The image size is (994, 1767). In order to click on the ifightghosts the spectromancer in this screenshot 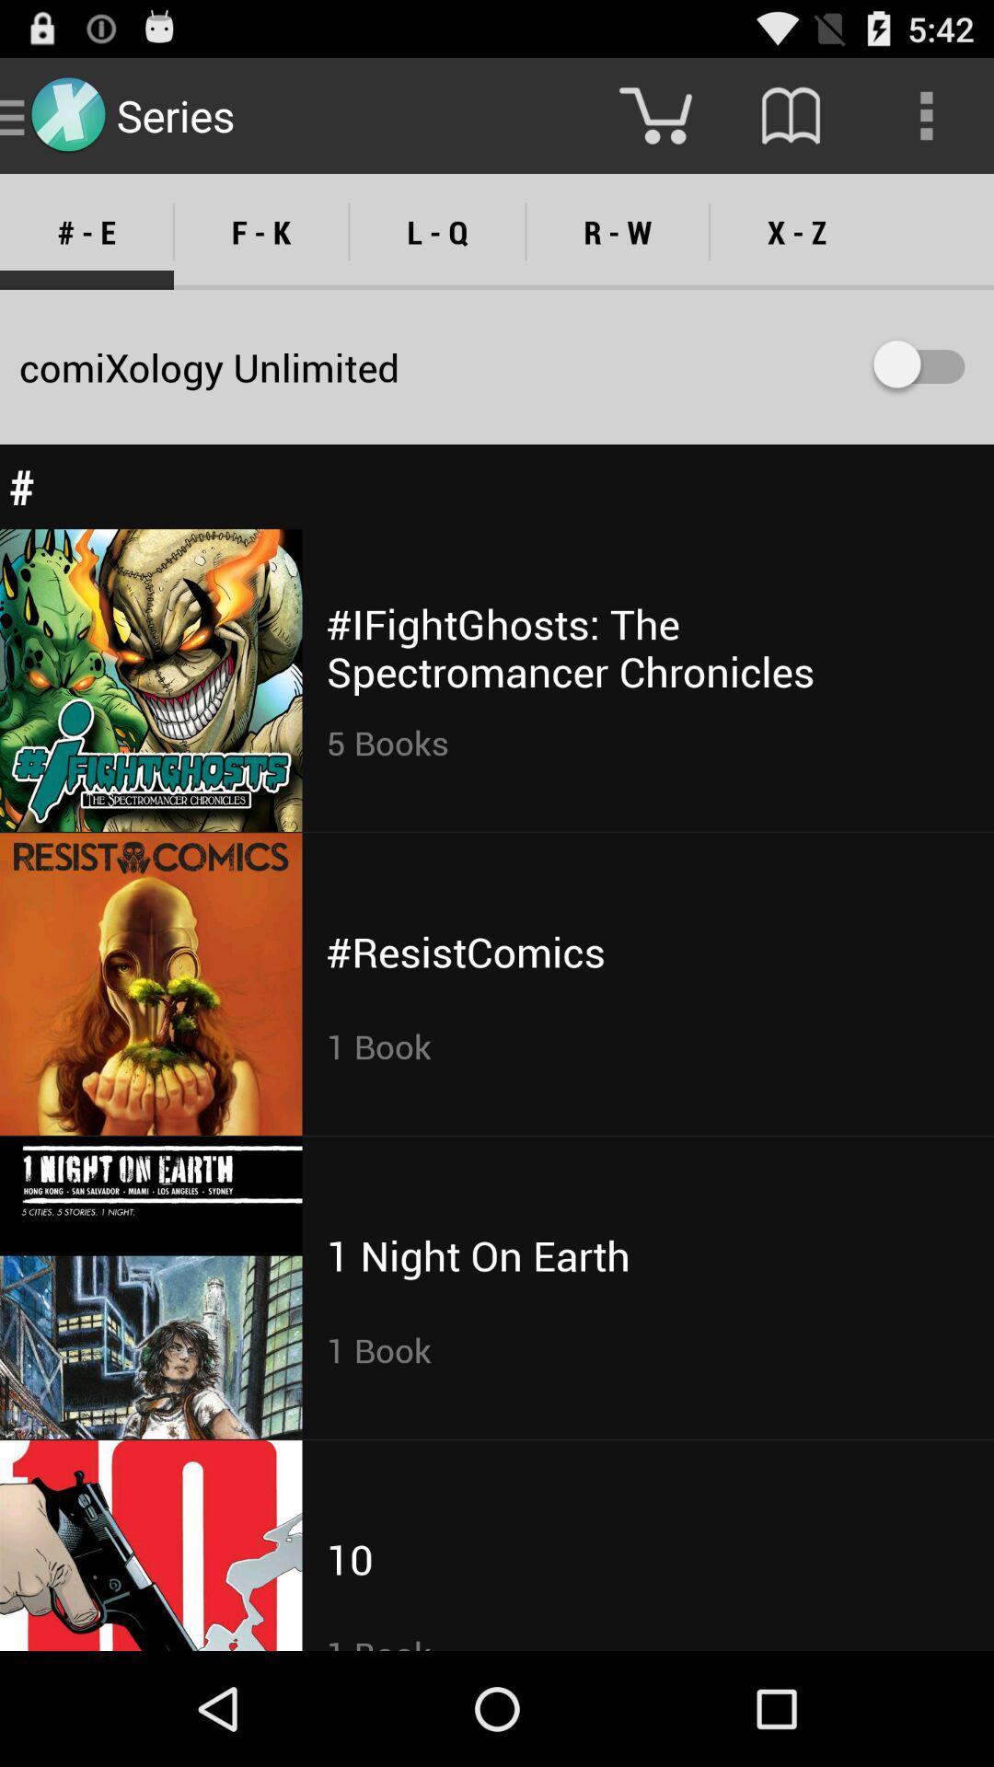, I will do `click(647, 648)`.